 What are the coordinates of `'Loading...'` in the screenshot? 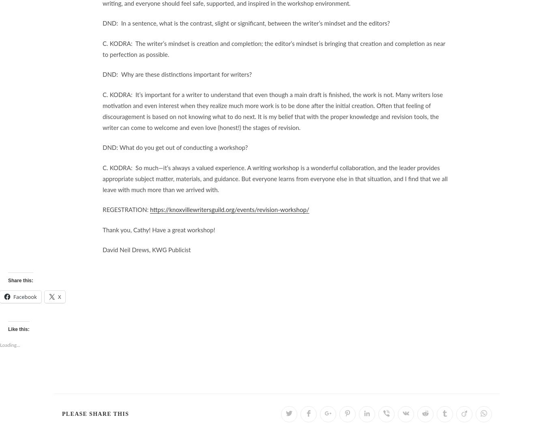 It's located at (10, 345).